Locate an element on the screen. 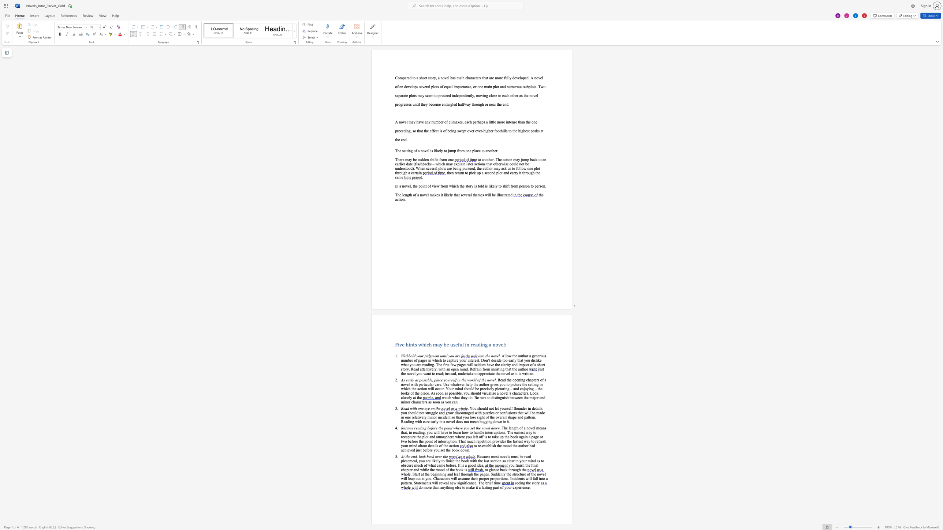 Image resolution: width=943 pixels, height=530 pixels. the 1th character "w" in the text is located at coordinates (411, 408).